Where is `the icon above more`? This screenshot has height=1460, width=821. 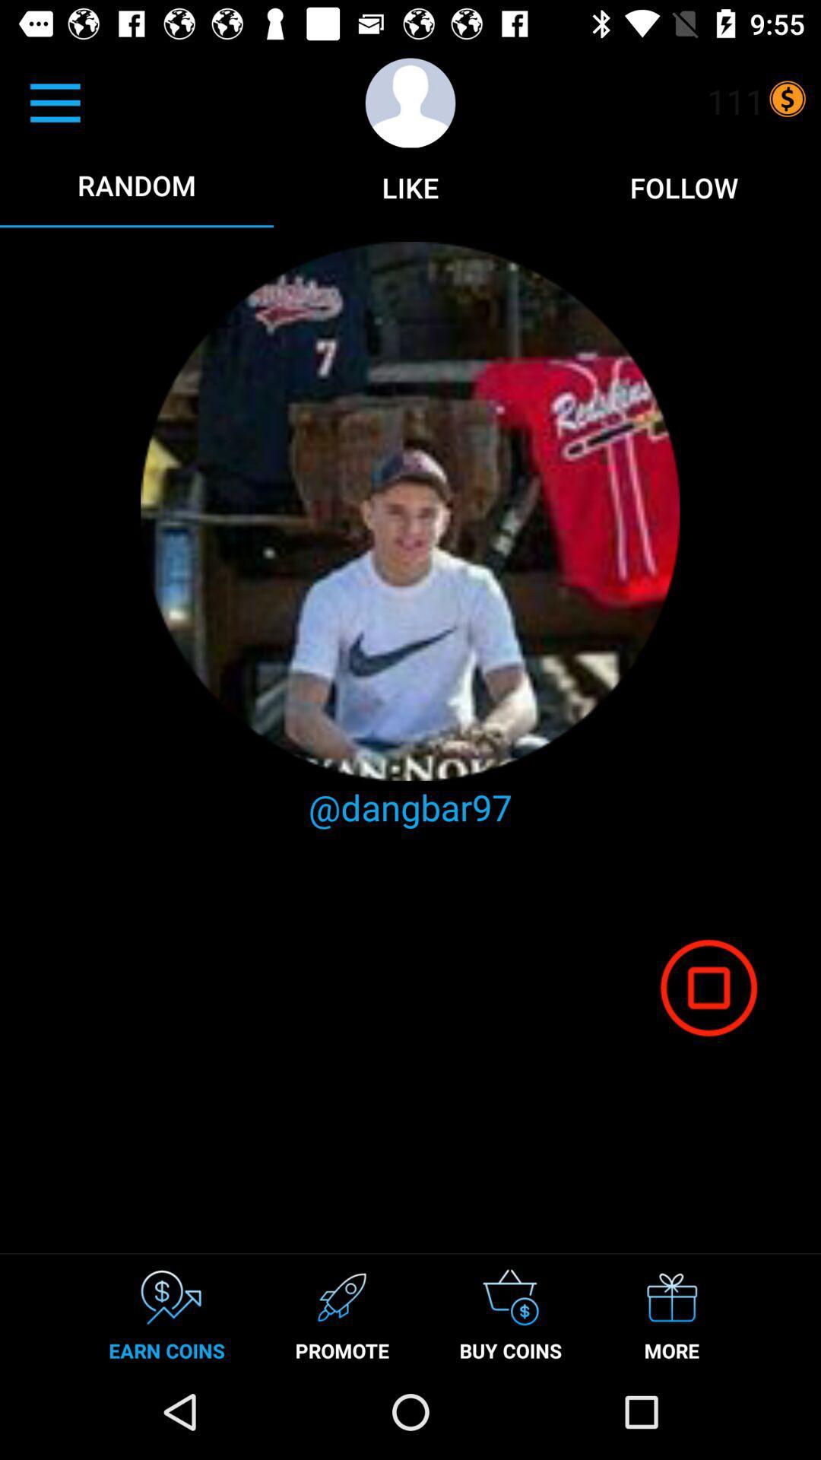 the icon above more is located at coordinates (708, 988).